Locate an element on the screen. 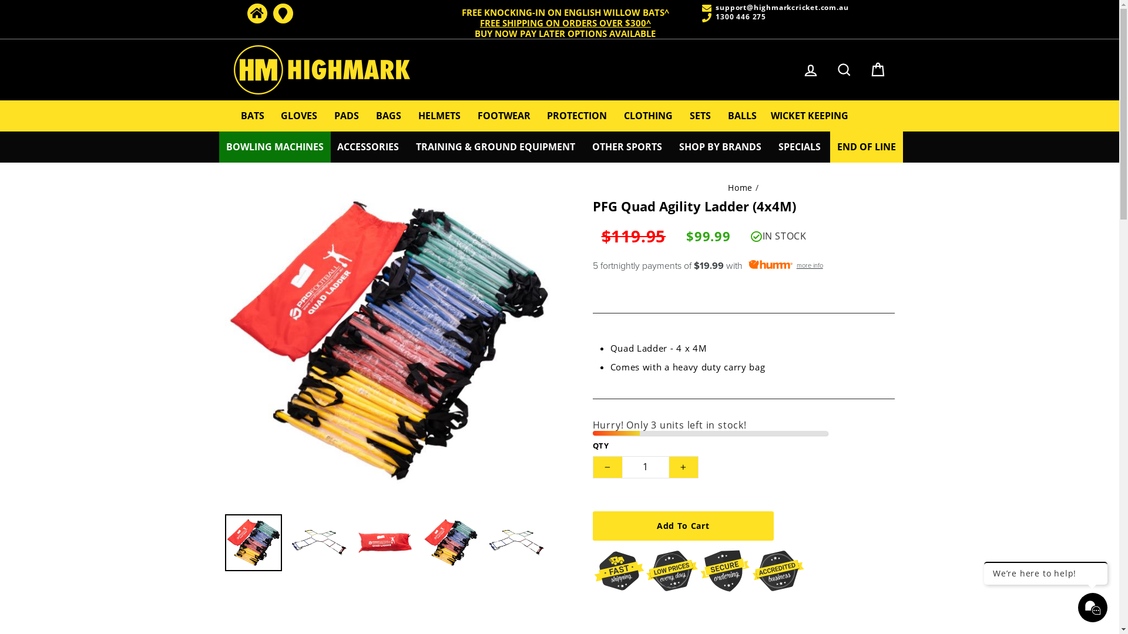  'SHOP BY BRANDS' is located at coordinates (719, 146).